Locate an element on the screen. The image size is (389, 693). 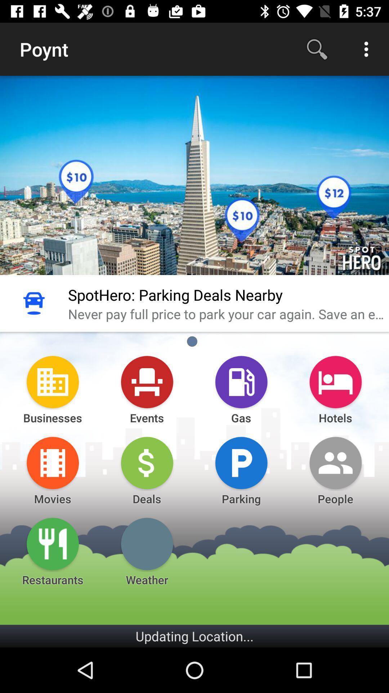
the above right  3 dots button is located at coordinates (366, 49).